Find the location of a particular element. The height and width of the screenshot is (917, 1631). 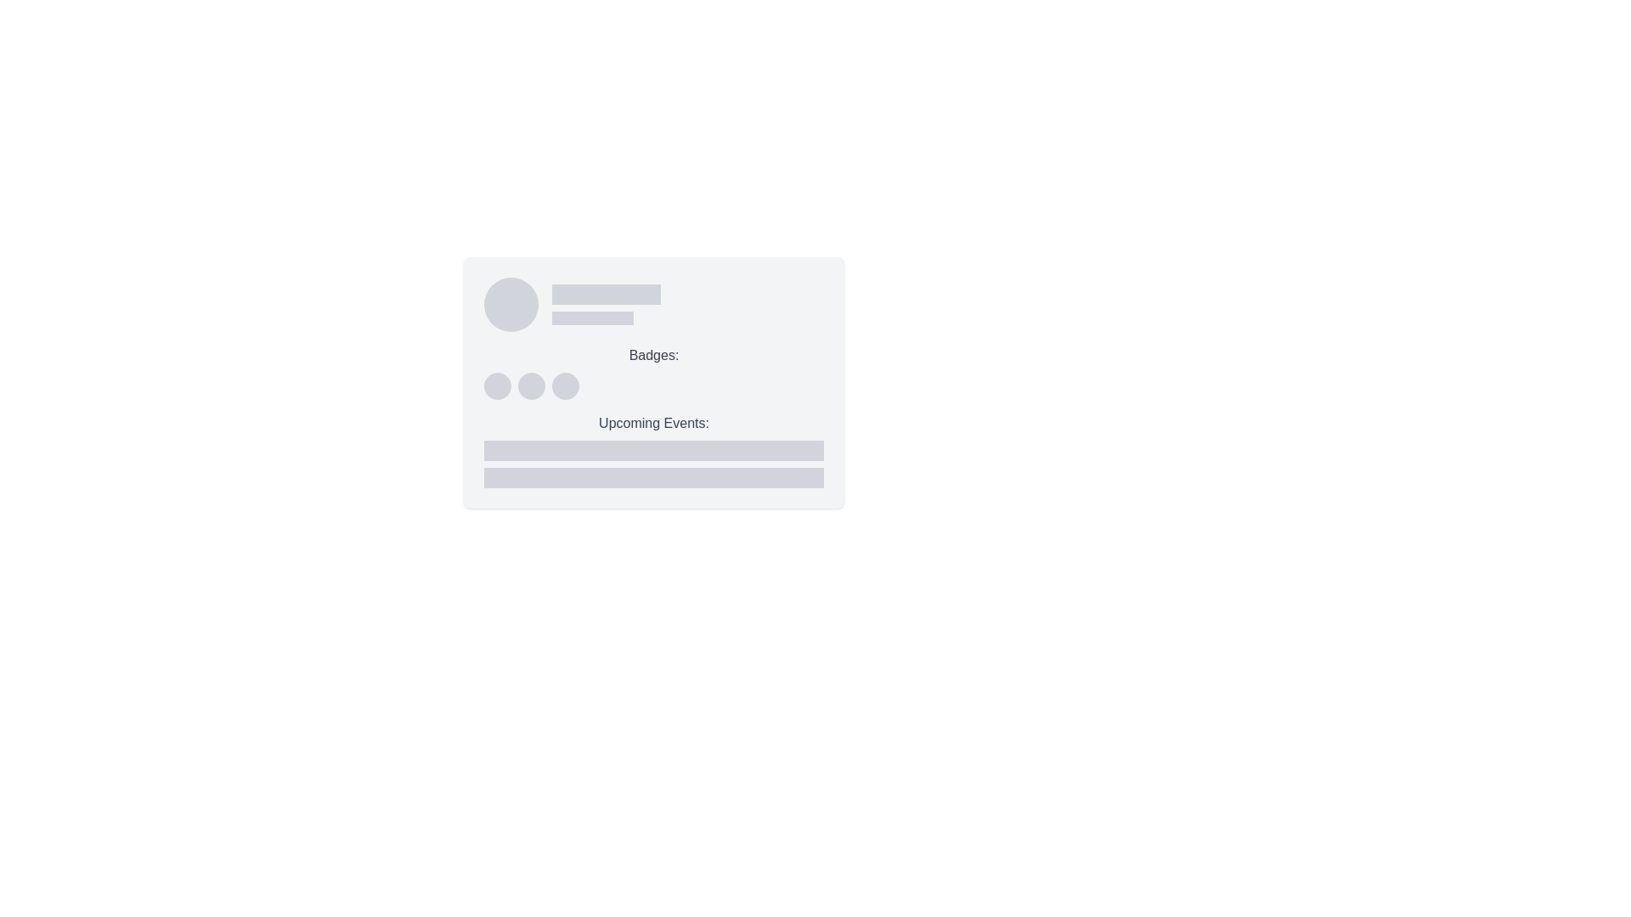

the static visual placeholder, which is a small rectangular shape with a gray background, positioned at the top of the group is located at coordinates (607, 294).